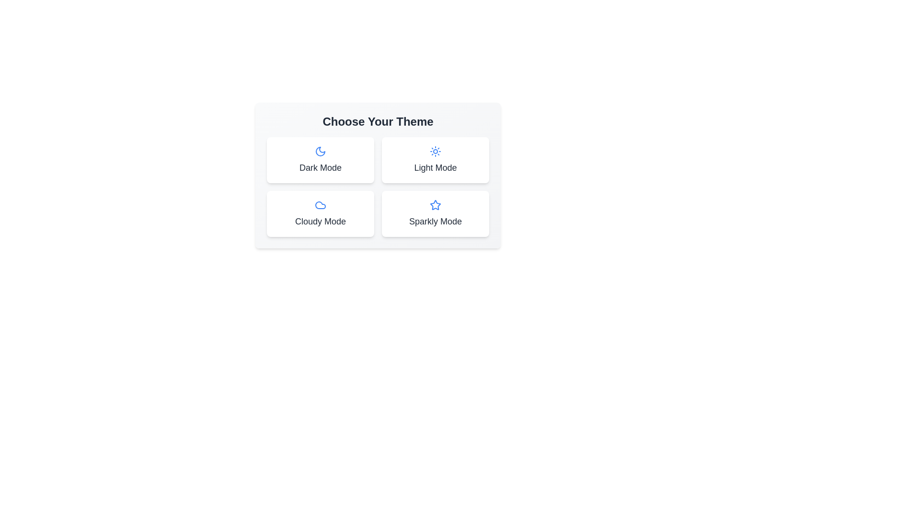  What do you see at coordinates (320, 213) in the screenshot?
I see `the 'Cloudy Mode' button, which is a rectangular button with a white background and a blue cloud icon, located in the lower-left quadrant of the grid layout` at bounding box center [320, 213].